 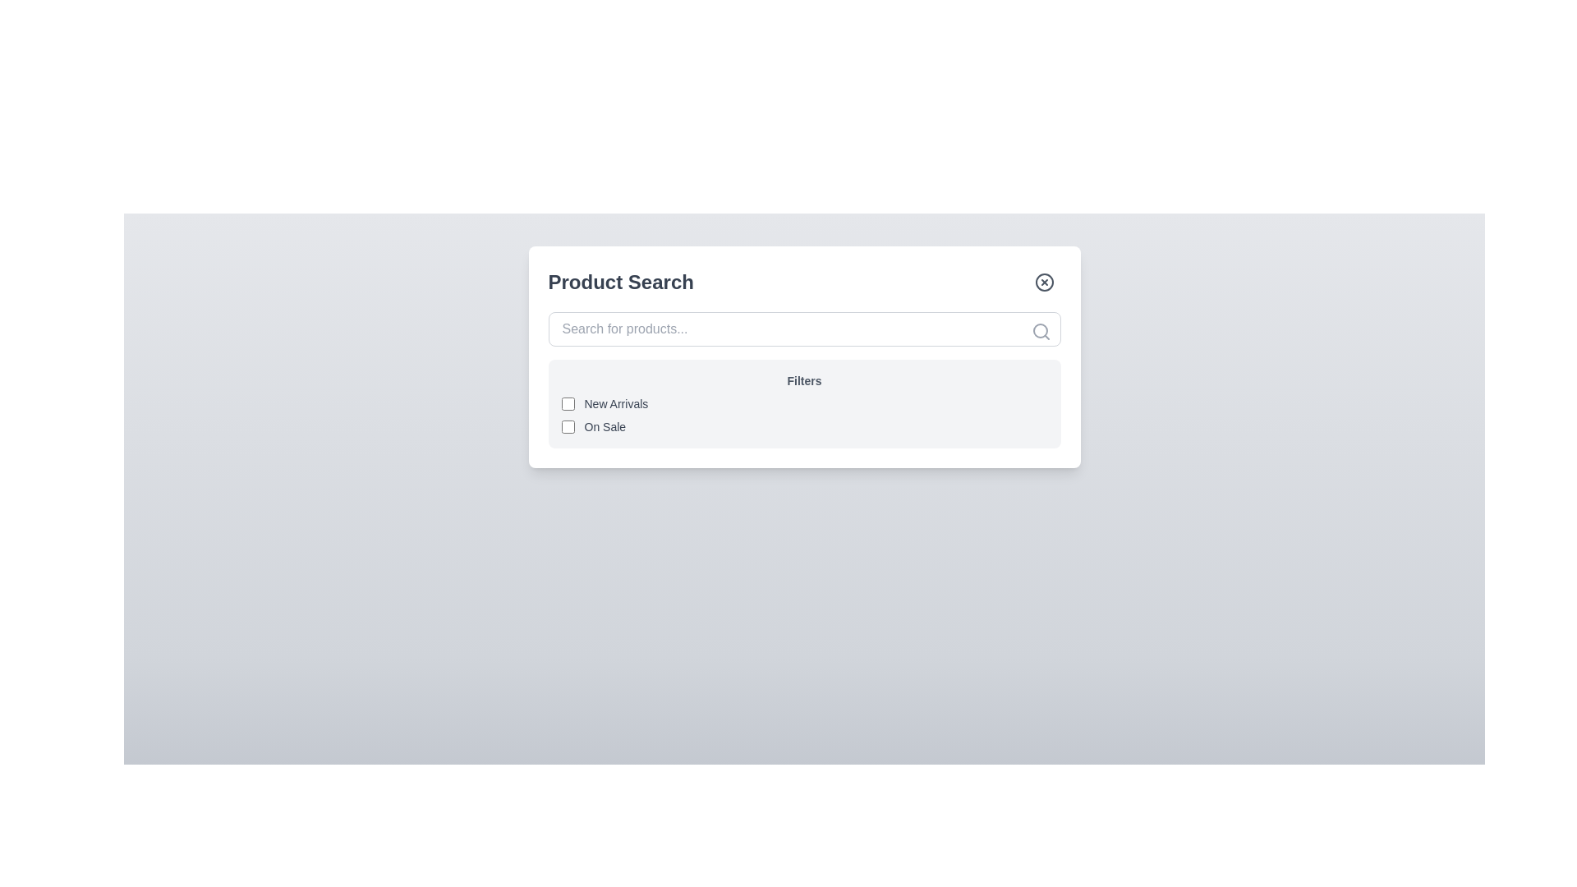 What do you see at coordinates (1039, 330) in the screenshot?
I see `the circular graphical element of the magnifying glass icon located at the upper right corner of the search input bar in the 'Product Search' UI` at bounding box center [1039, 330].